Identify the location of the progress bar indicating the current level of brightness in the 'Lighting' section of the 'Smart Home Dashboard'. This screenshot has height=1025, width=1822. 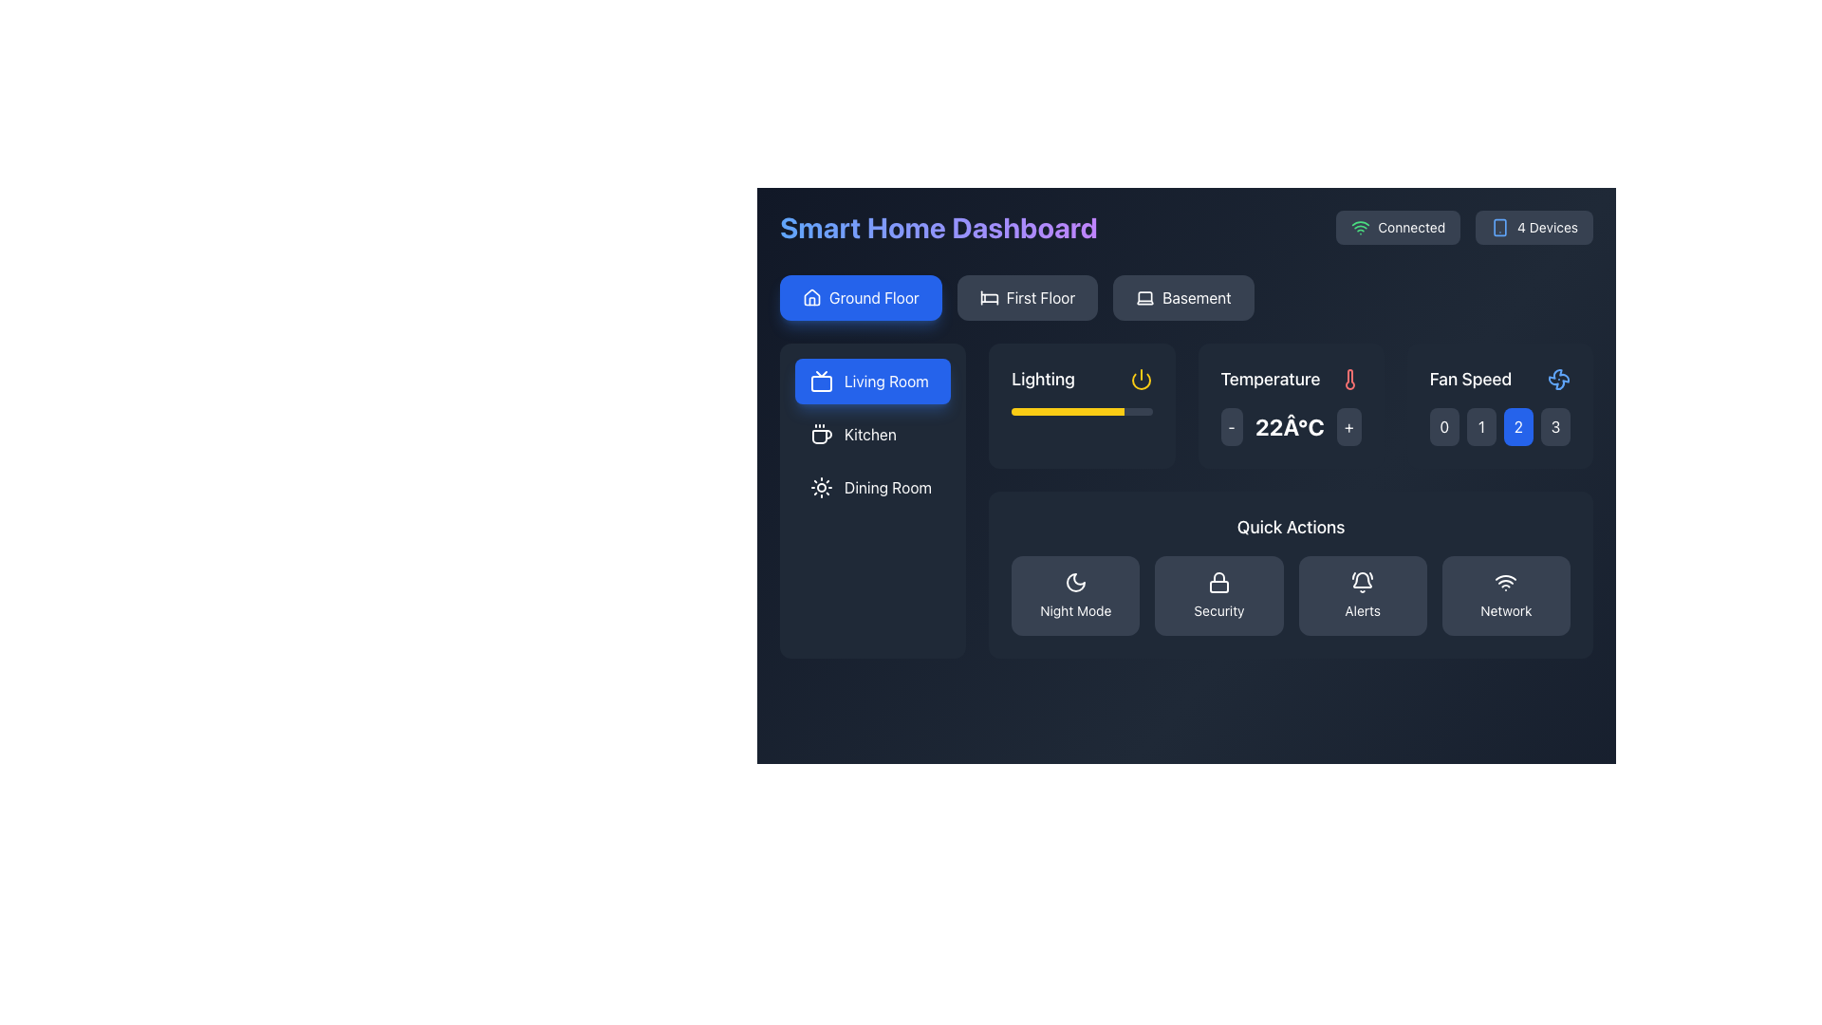
(1082, 411).